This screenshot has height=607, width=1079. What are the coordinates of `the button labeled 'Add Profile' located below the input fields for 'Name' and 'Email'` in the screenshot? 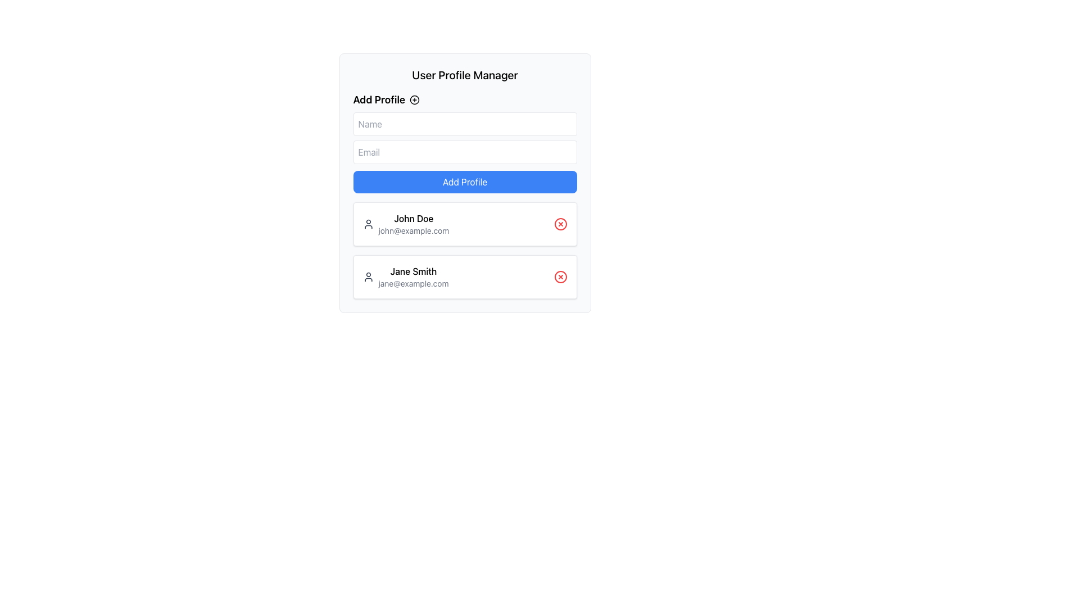 It's located at (465, 182).